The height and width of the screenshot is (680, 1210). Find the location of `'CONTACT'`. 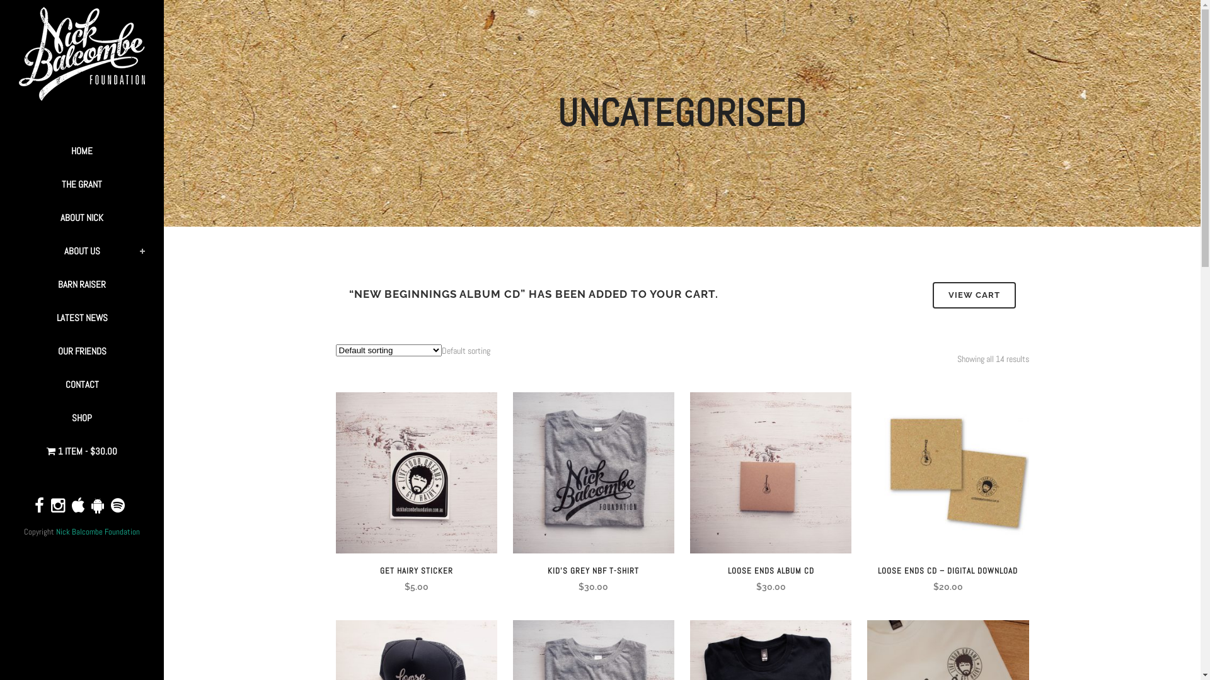

'CONTACT' is located at coordinates (81, 383).